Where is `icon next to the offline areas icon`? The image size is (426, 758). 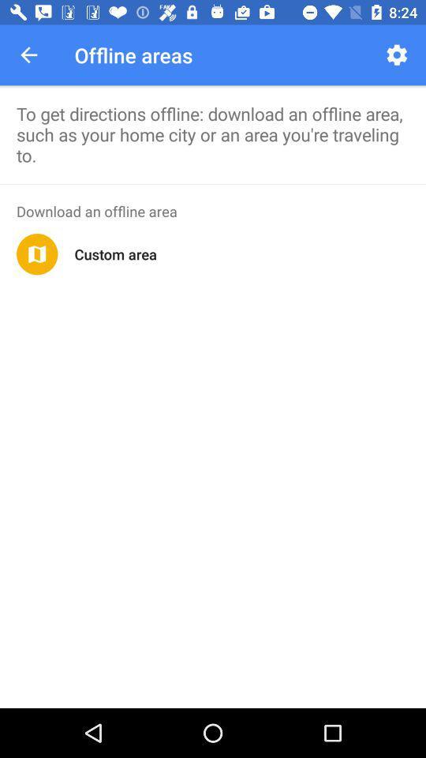 icon next to the offline areas icon is located at coordinates (396, 54).